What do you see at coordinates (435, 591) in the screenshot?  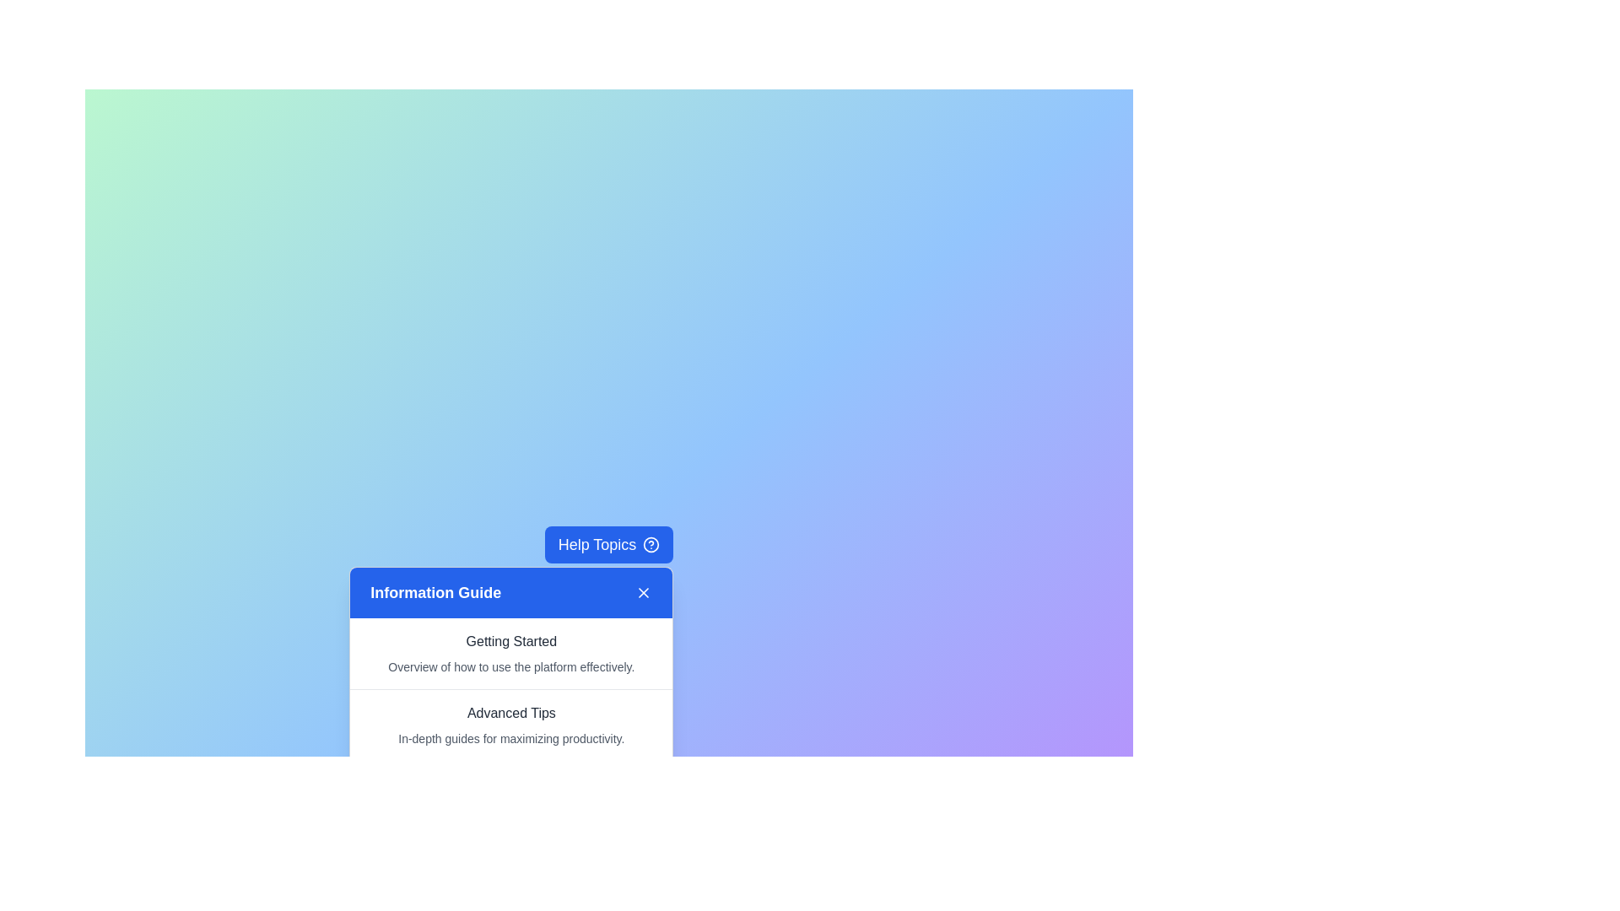 I see `the text label 'Information Guide', which is styled in a bold, large-sized font in white color on a blue background, positioned at the top of a dropdown-like module` at bounding box center [435, 591].